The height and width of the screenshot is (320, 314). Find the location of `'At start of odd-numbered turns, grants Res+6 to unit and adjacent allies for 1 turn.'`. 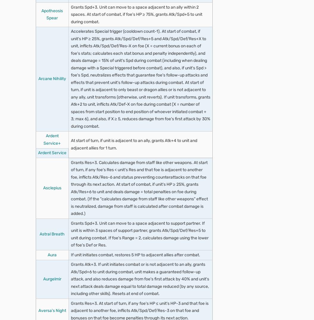

'At start of odd-numbered turns, grants Res+6 to unit and adjacent allies for 1 turn.' is located at coordinates (140, 44).